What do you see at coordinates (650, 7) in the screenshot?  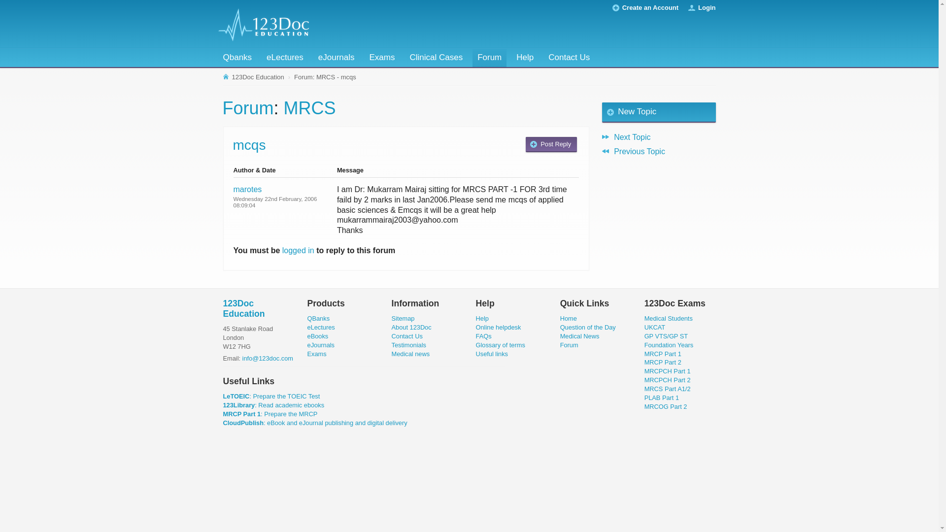 I see `'Create an Account'` at bounding box center [650, 7].